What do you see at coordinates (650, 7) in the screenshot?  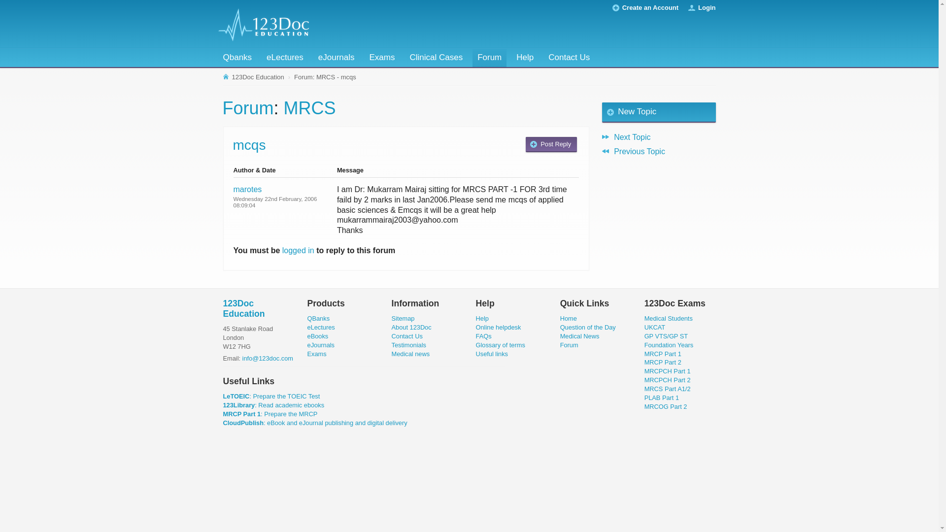 I see `'Create an Account'` at bounding box center [650, 7].